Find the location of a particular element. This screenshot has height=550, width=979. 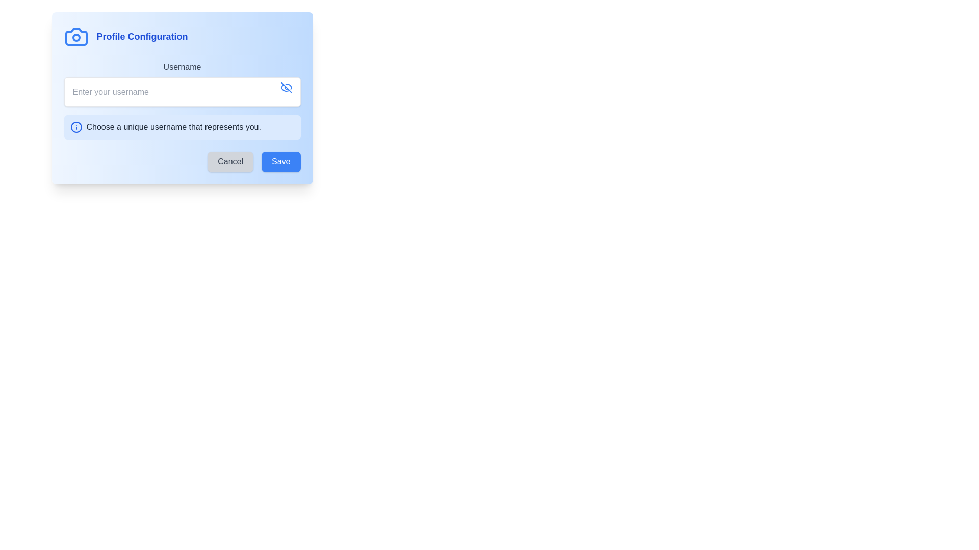

informational tooltip that provides guidance on choosing an appropriate username, located directly below the username input field in the 'Profile Configuration' modal is located at coordinates (182, 127).